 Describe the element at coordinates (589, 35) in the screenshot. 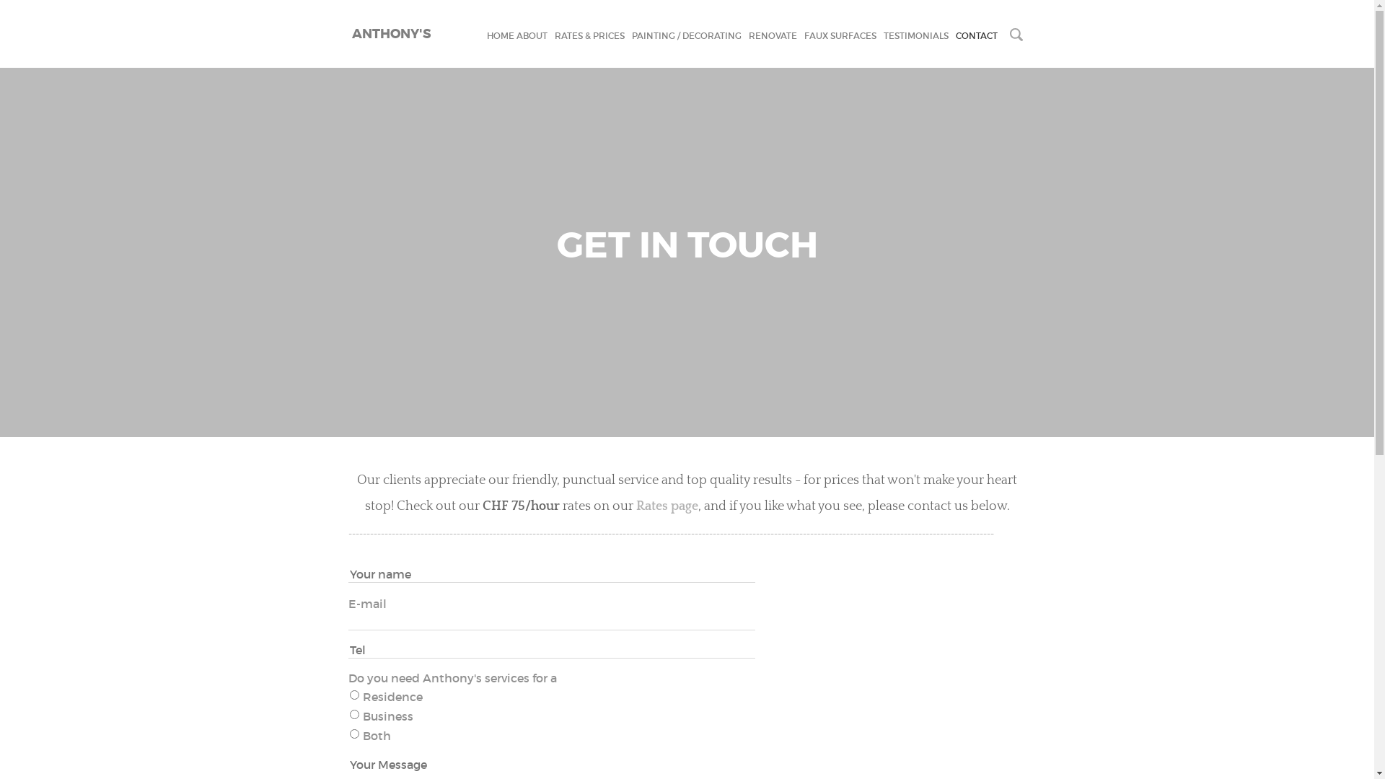

I see `'RATES & PRICES'` at that location.